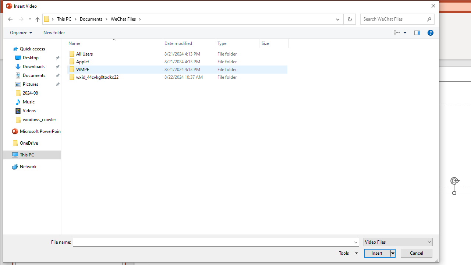 Image resolution: width=471 pixels, height=265 pixels. What do you see at coordinates (177, 70) in the screenshot?
I see `'WMPF'` at bounding box center [177, 70].